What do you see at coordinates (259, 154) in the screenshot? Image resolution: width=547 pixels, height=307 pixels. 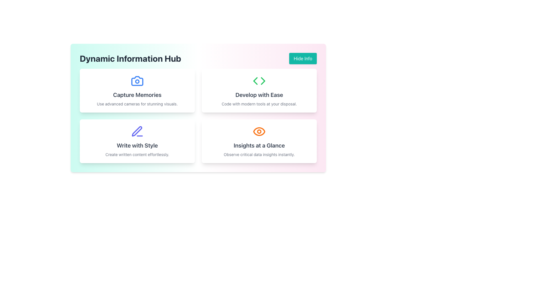 I see `the Static Text located at the bottom of the 'Insights at a Glance' card, which provides supplemental descriptions to inform users` at bounding box center [259, 154].